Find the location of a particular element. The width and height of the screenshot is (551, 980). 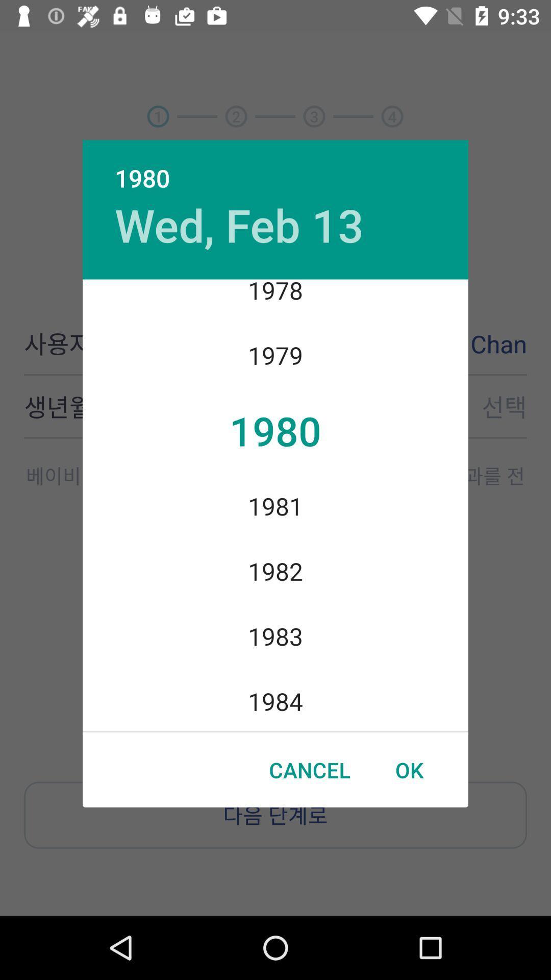

icon above 1978 item is located at coordinates (239, 224).